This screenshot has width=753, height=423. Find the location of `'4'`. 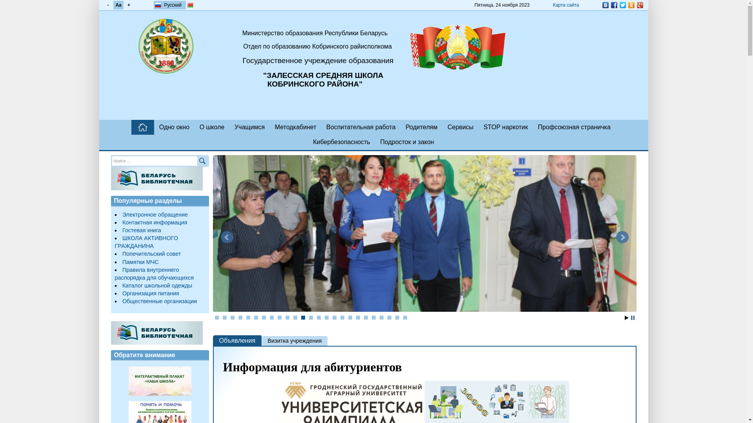

'4' is located at coordinates (240, 317).